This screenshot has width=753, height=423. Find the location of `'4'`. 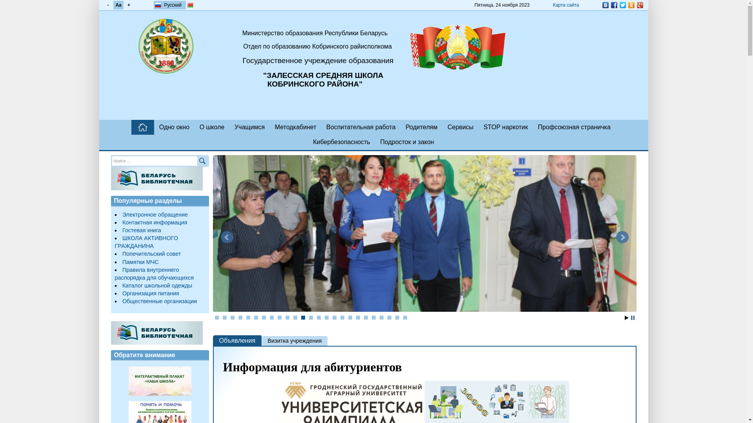

'4' is located at coordinates (240, 317).